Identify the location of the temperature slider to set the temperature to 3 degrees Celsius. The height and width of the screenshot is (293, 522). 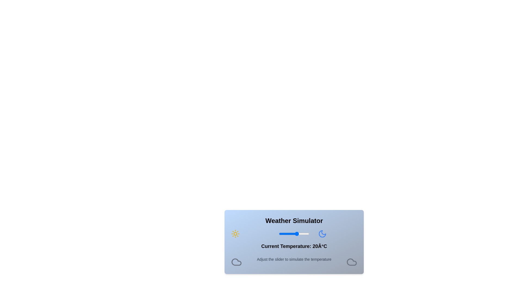
(287, 233).